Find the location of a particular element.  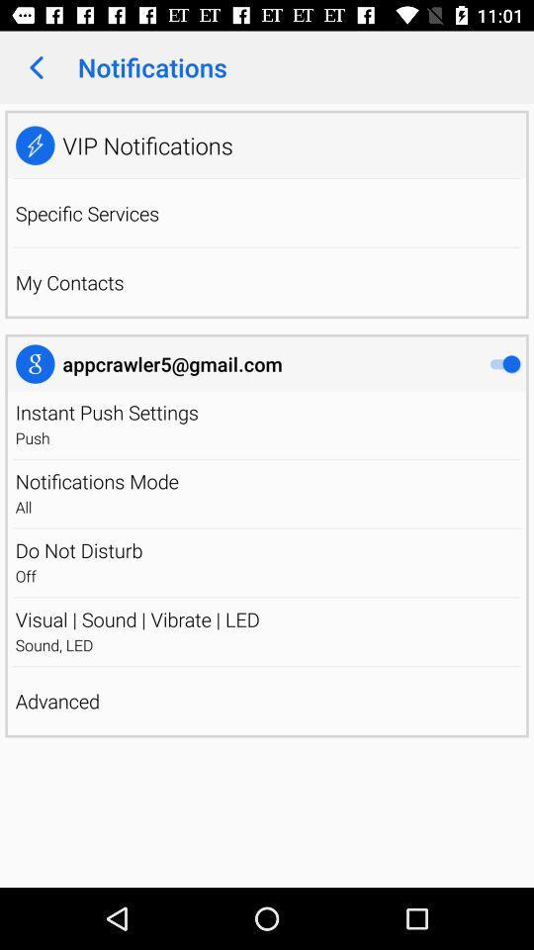

item above specific services icon is located at coordinates (267, 177).